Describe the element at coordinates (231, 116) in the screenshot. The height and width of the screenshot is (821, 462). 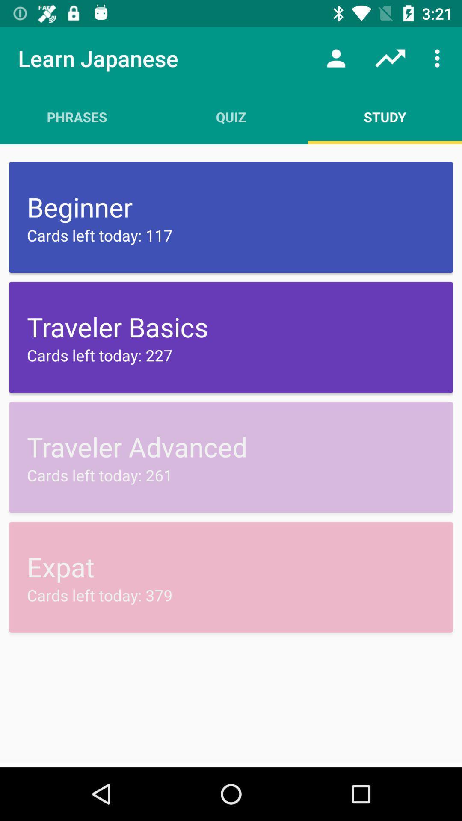
I see `app to the right of phrases` at that location.